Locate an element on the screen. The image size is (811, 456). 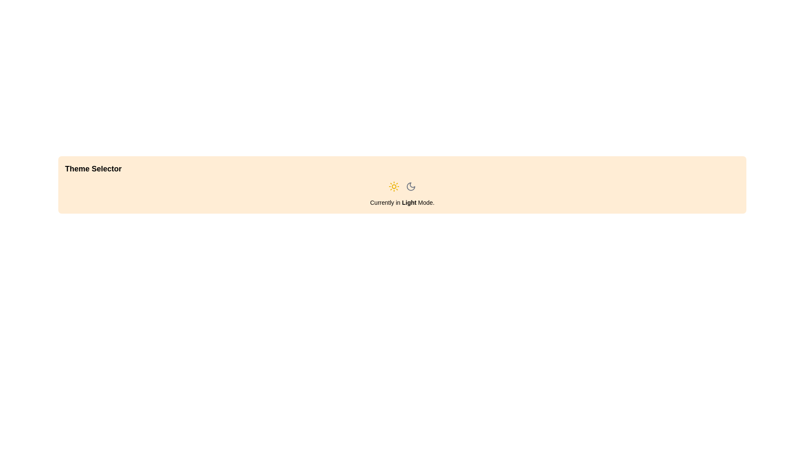
the button to set the theme to Light is located at coordinates (393, 186).